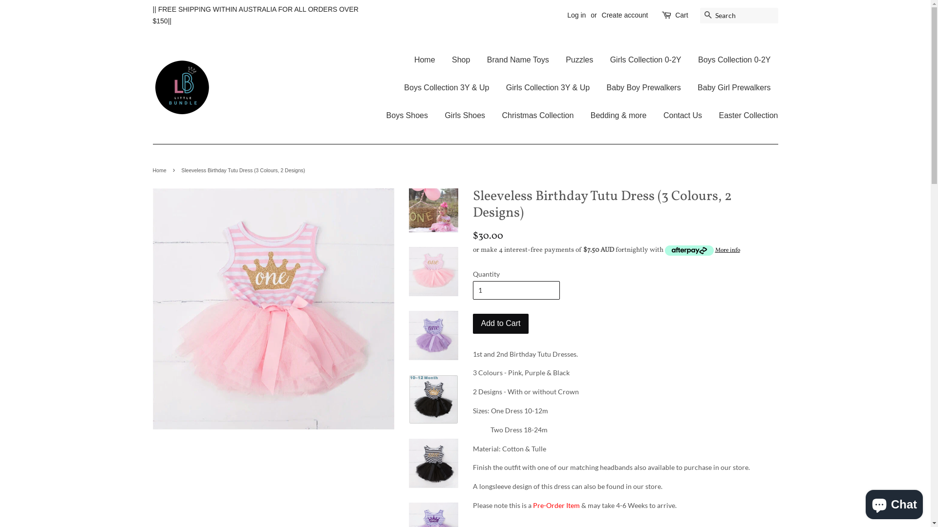 Image resolution: width=938 pixels, height=527 pixels. What do you see at coordinates (517, 60) in the screenshot?
I see `'Brand Name Toys'` at bounding box center [517, 60].